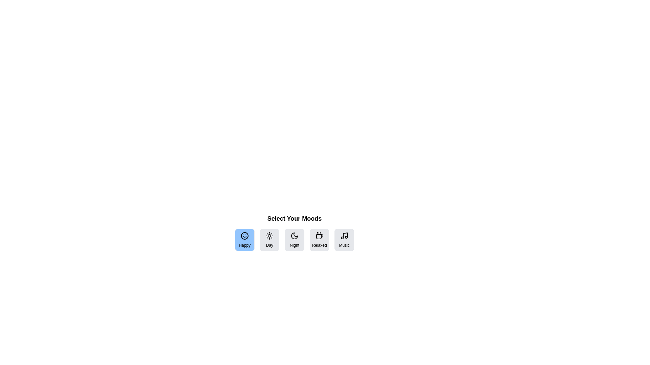 The height and width of the screenshot is (365, 650). Describe the element at coordinates (344, 236) in the screenshot. I see `the musical note icon with thin black outlines against a light gray rounded square background, located in the last interactive button of the mood options row` at that location.